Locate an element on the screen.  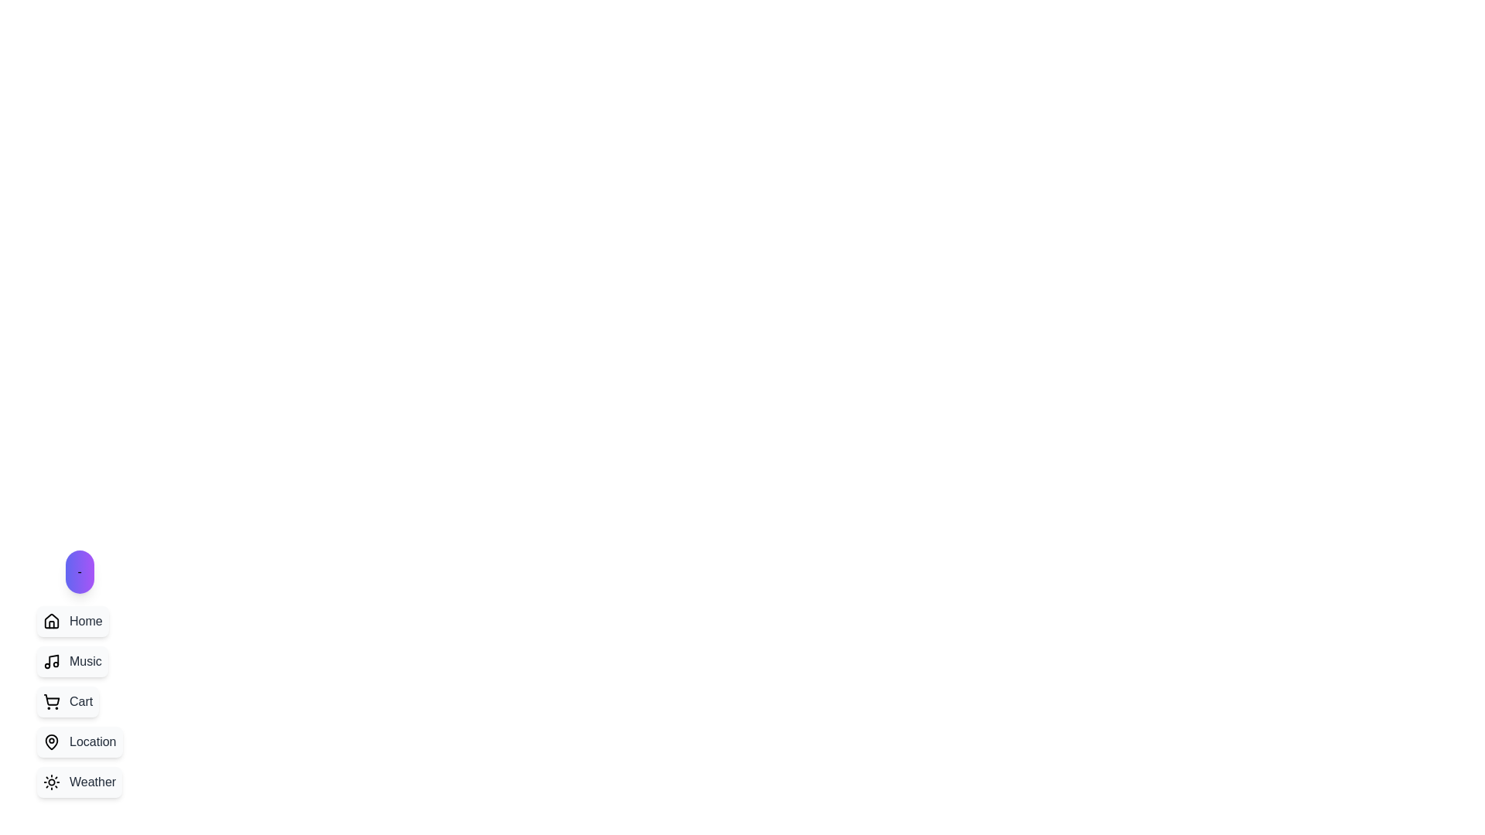
the button located at the top of the list is located at coordinates (72, 620).